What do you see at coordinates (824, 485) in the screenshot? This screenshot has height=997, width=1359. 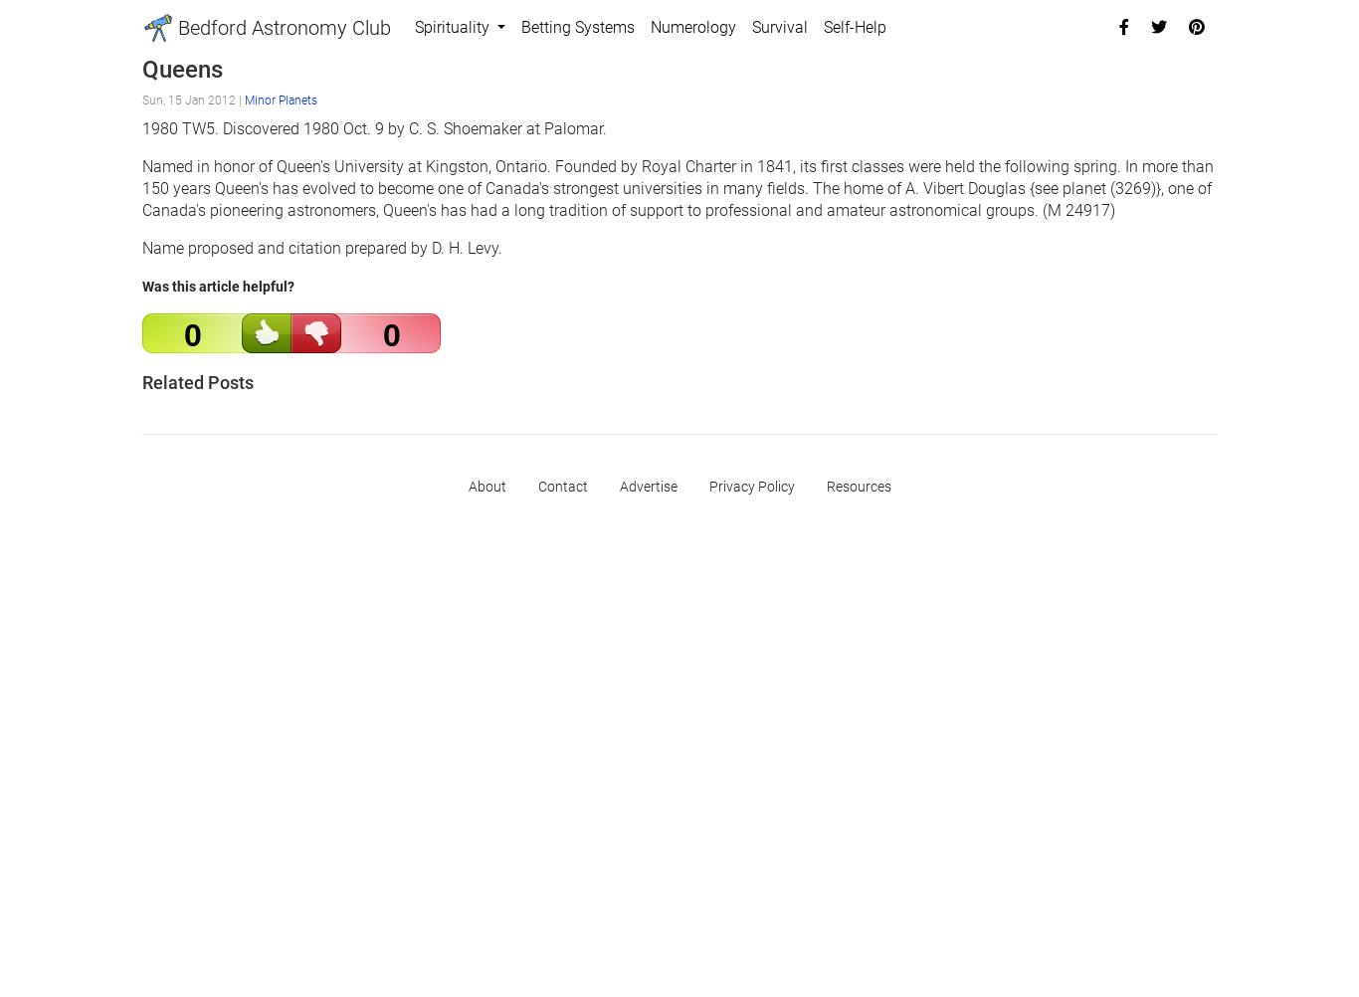 I see `'Resources'` at bounding box center [824, 485].